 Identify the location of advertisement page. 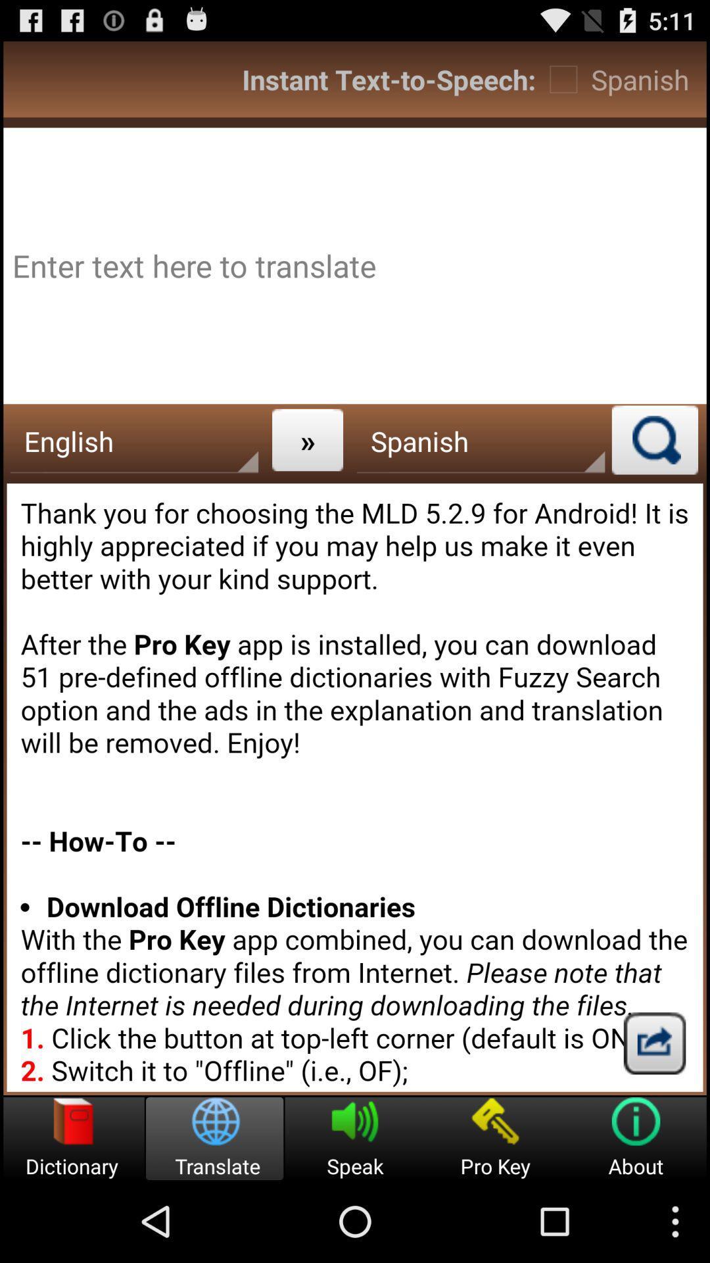
(355, 265).